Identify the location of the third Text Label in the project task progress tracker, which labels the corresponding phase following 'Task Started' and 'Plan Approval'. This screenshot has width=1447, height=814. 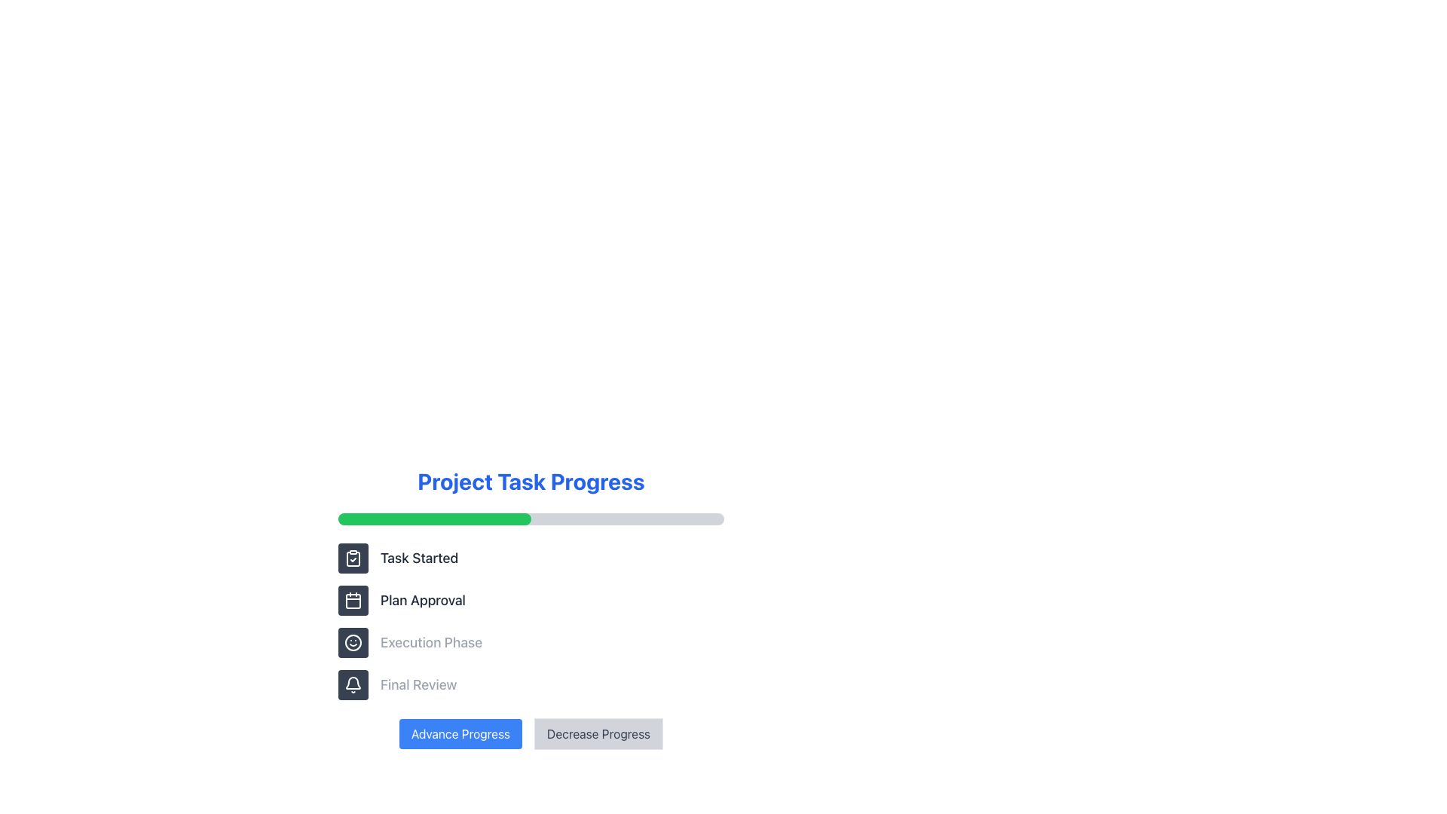
(430, 642).